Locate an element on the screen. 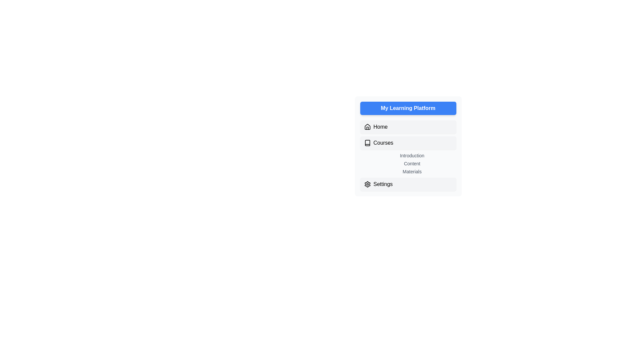 This screenshot has width=641, height=360. the 'Home' navigation link is located at coordinates (408, 127).